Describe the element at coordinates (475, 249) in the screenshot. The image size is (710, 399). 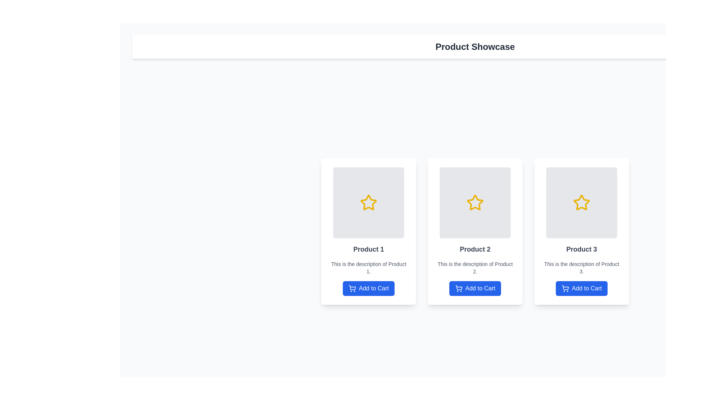
I see `text displayed in the 'Product 2' text label, which is positioned below the star icon in the second card of a three-card layout` at that location.